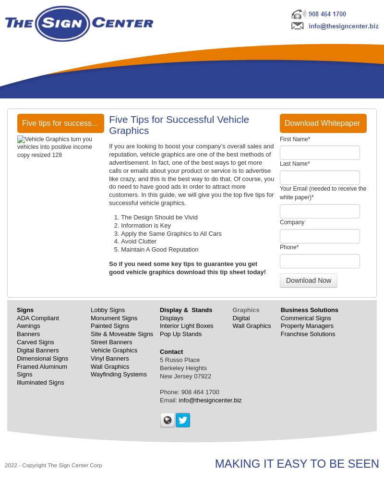  I want to click on 'First Name', so click(294, 138).